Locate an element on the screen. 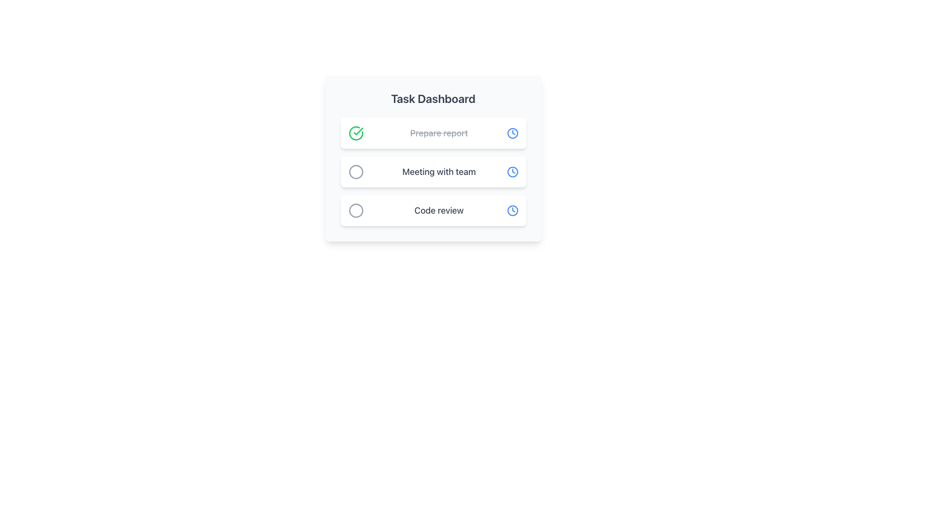 The image size is (928, 522). the circular checkbox or status indicator on the left of the 'Meeting with team' task item to change its state is located at coordinates (355, 171).